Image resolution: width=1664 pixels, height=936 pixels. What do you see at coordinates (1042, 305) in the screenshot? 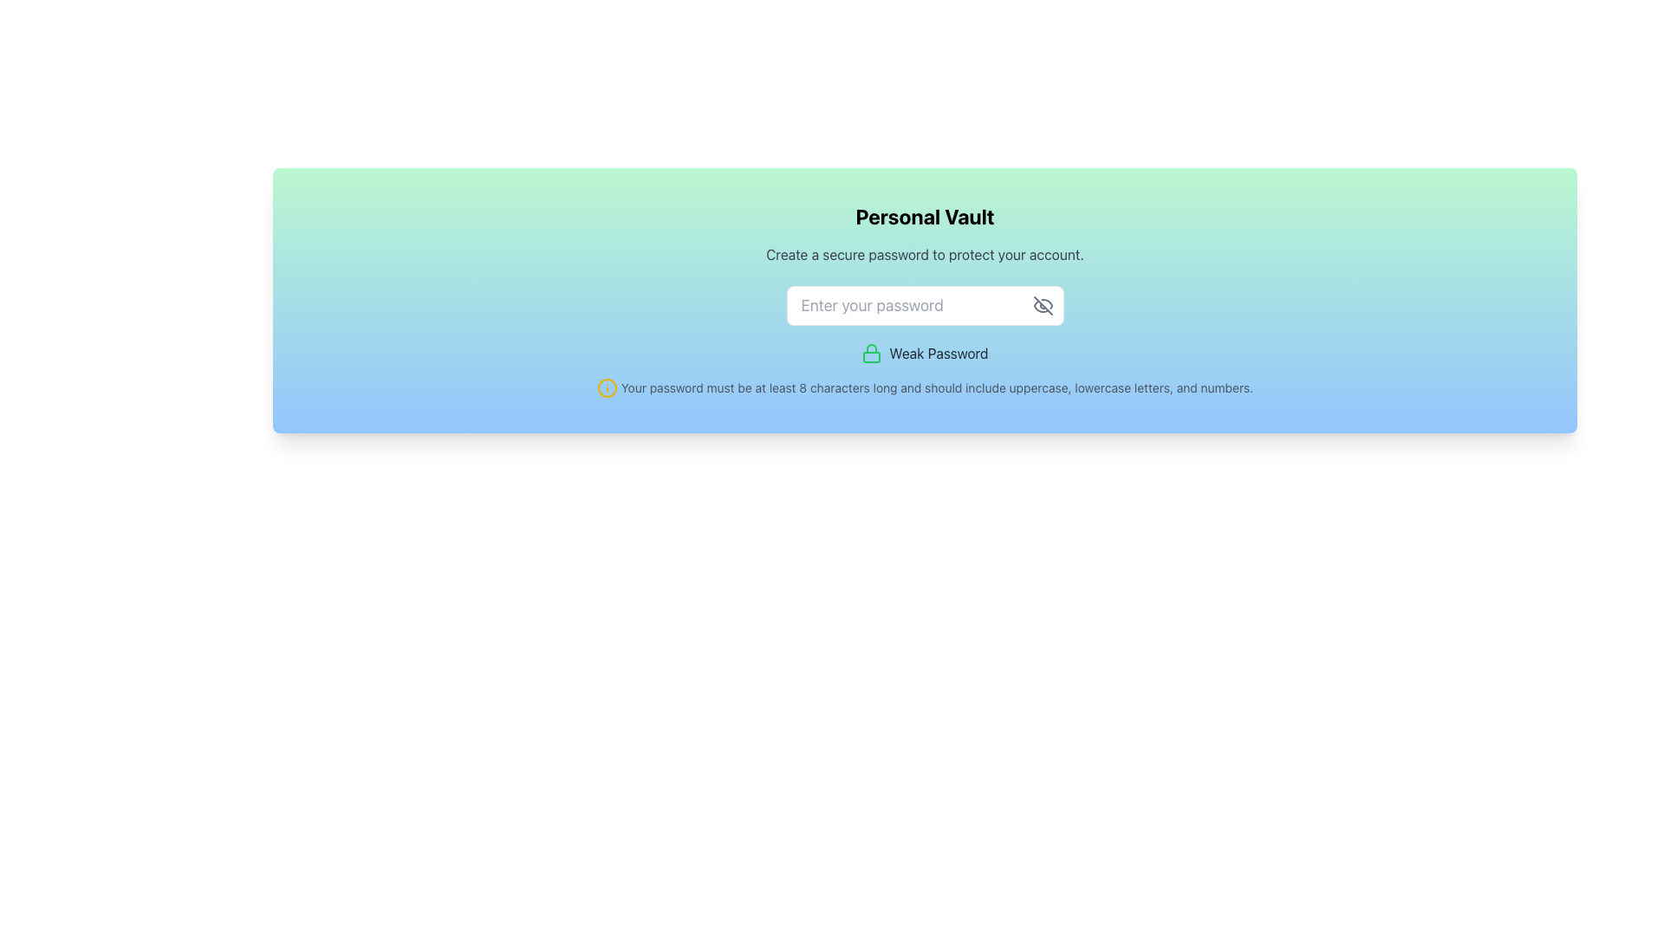
I see `the eye icon button with a diagonal slash across it, located at the right end of the password input field` at bounding box center [1042, 305].